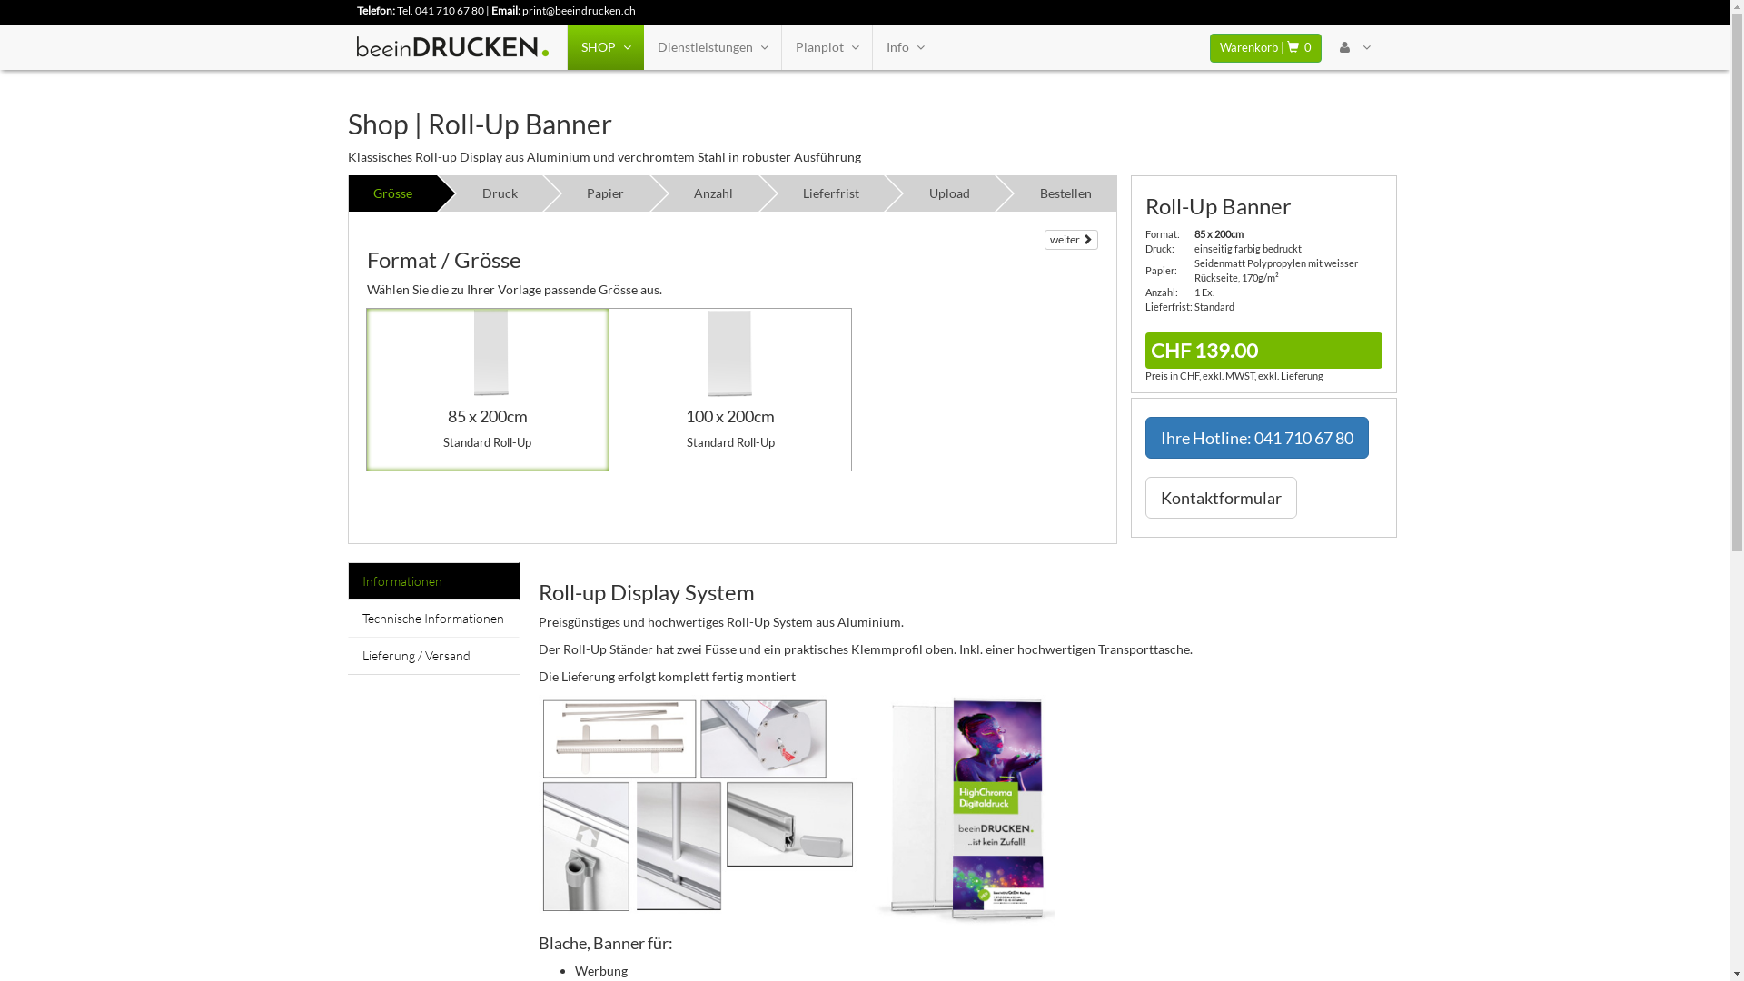 The width and height of the screenshot is (1744, 981). I want to click on 'Anzahl', so click(713, 193).